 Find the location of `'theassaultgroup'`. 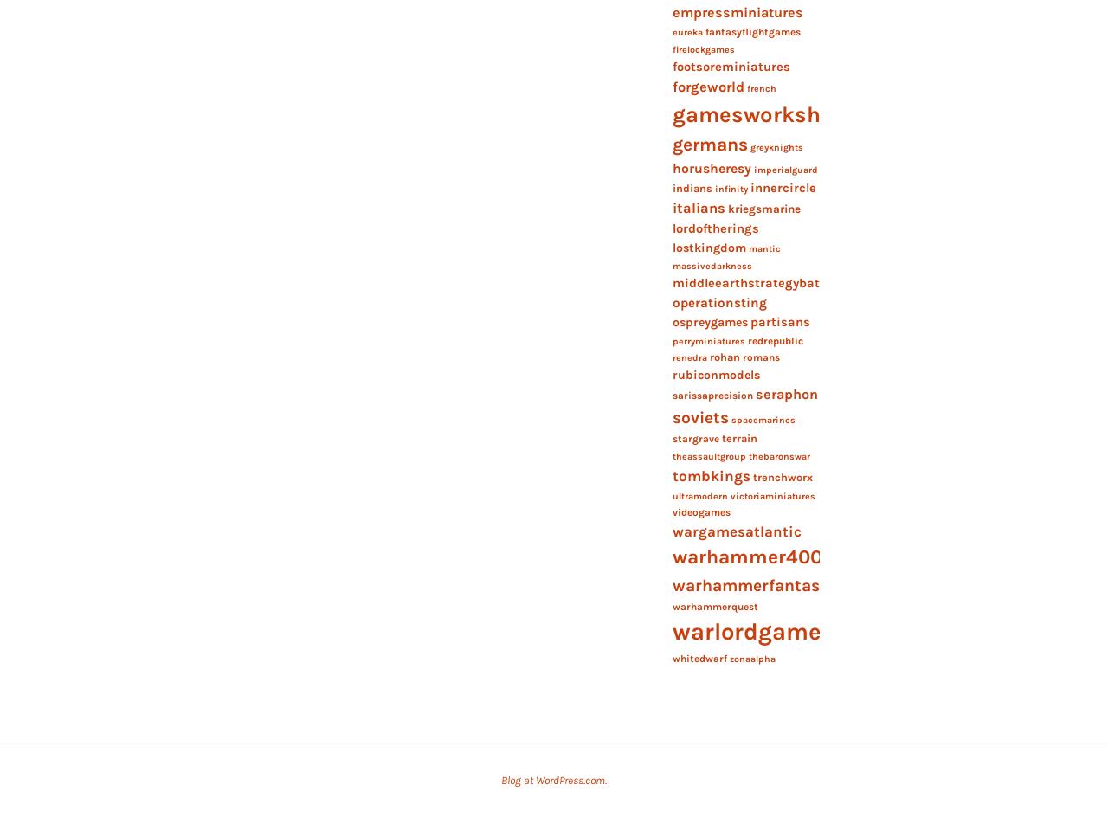

'theassaultgroup' is located at coordinates (708, 456).